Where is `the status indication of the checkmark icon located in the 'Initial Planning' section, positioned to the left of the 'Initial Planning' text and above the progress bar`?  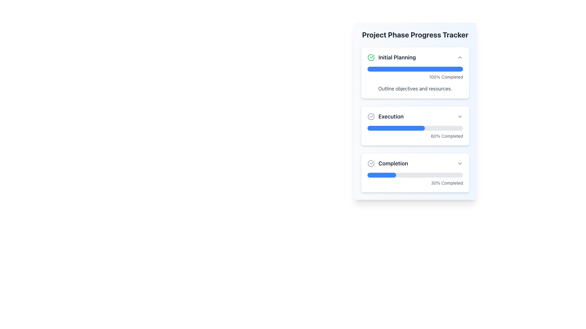
the status indication of the checkmark icon located in the 'Initial Planning' section, positioned to the left of the 'Initial Planning' text and above the progress bar is located at coordinates (372, 116).